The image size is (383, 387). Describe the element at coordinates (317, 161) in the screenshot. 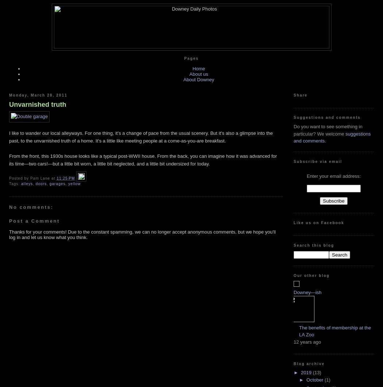

I see `'Subscribe via email'` at that location.